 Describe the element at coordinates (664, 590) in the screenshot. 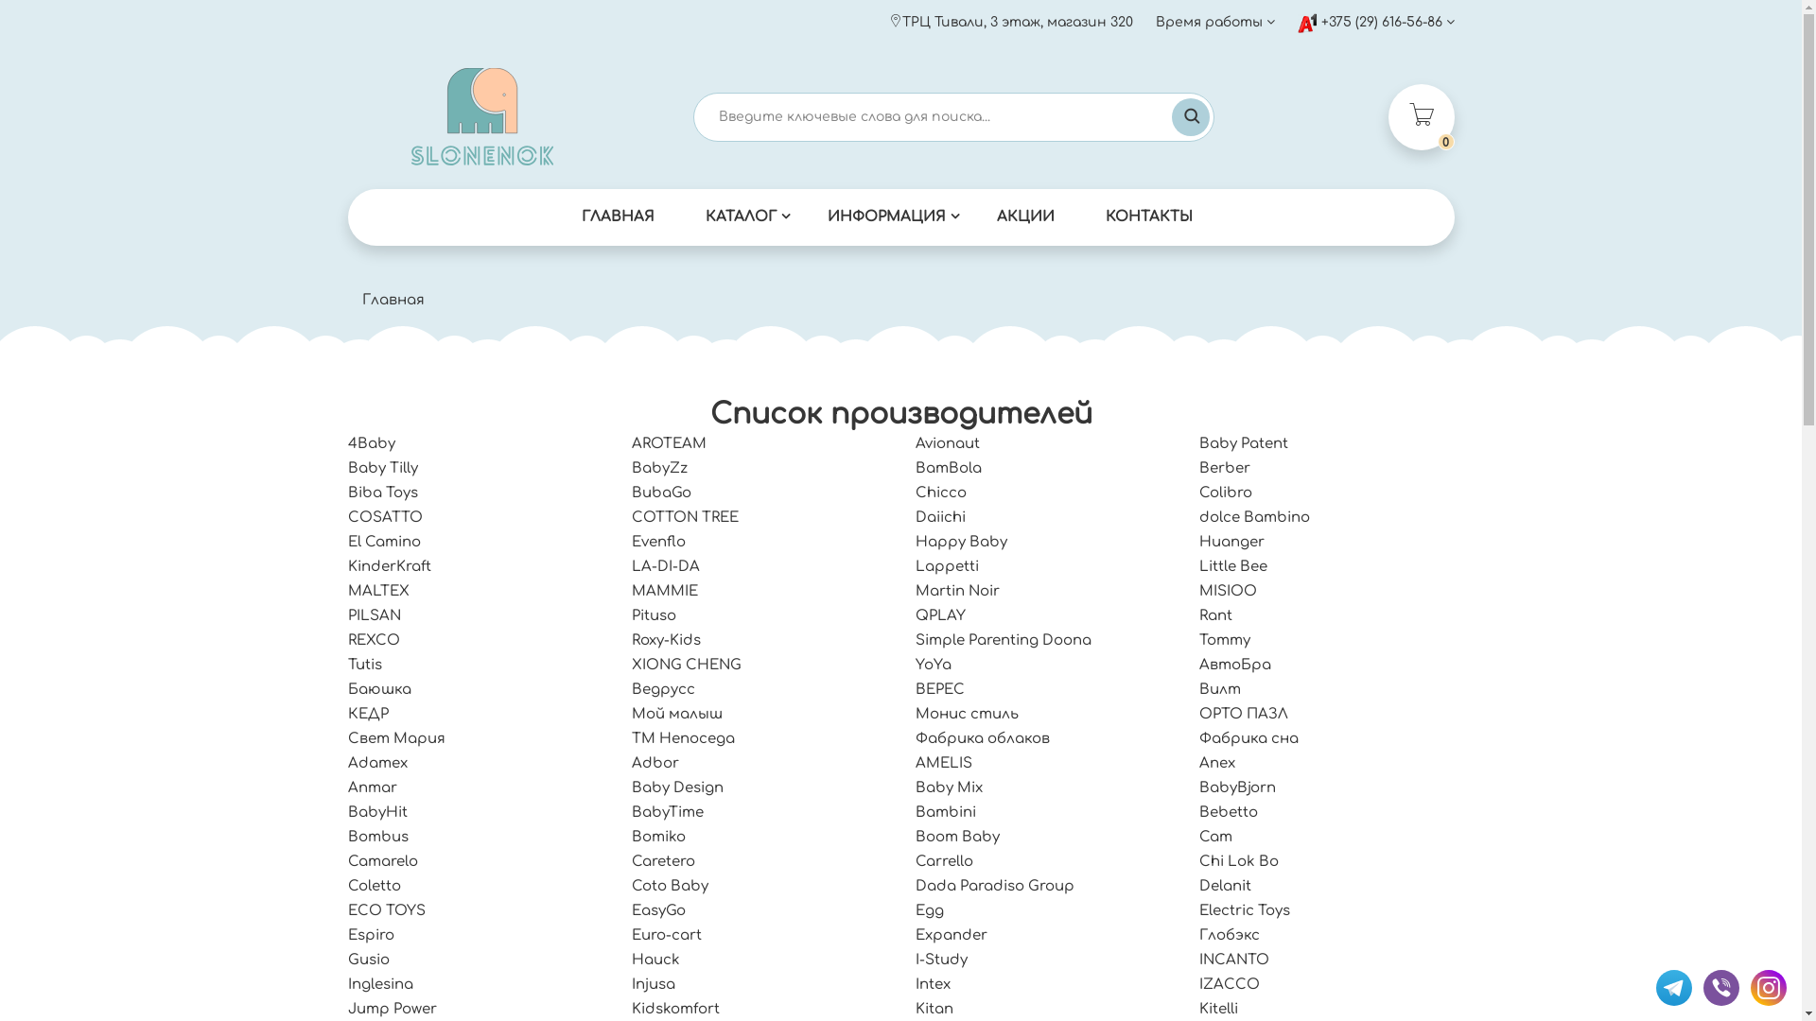

I see `'MAMMIE'` at that location.